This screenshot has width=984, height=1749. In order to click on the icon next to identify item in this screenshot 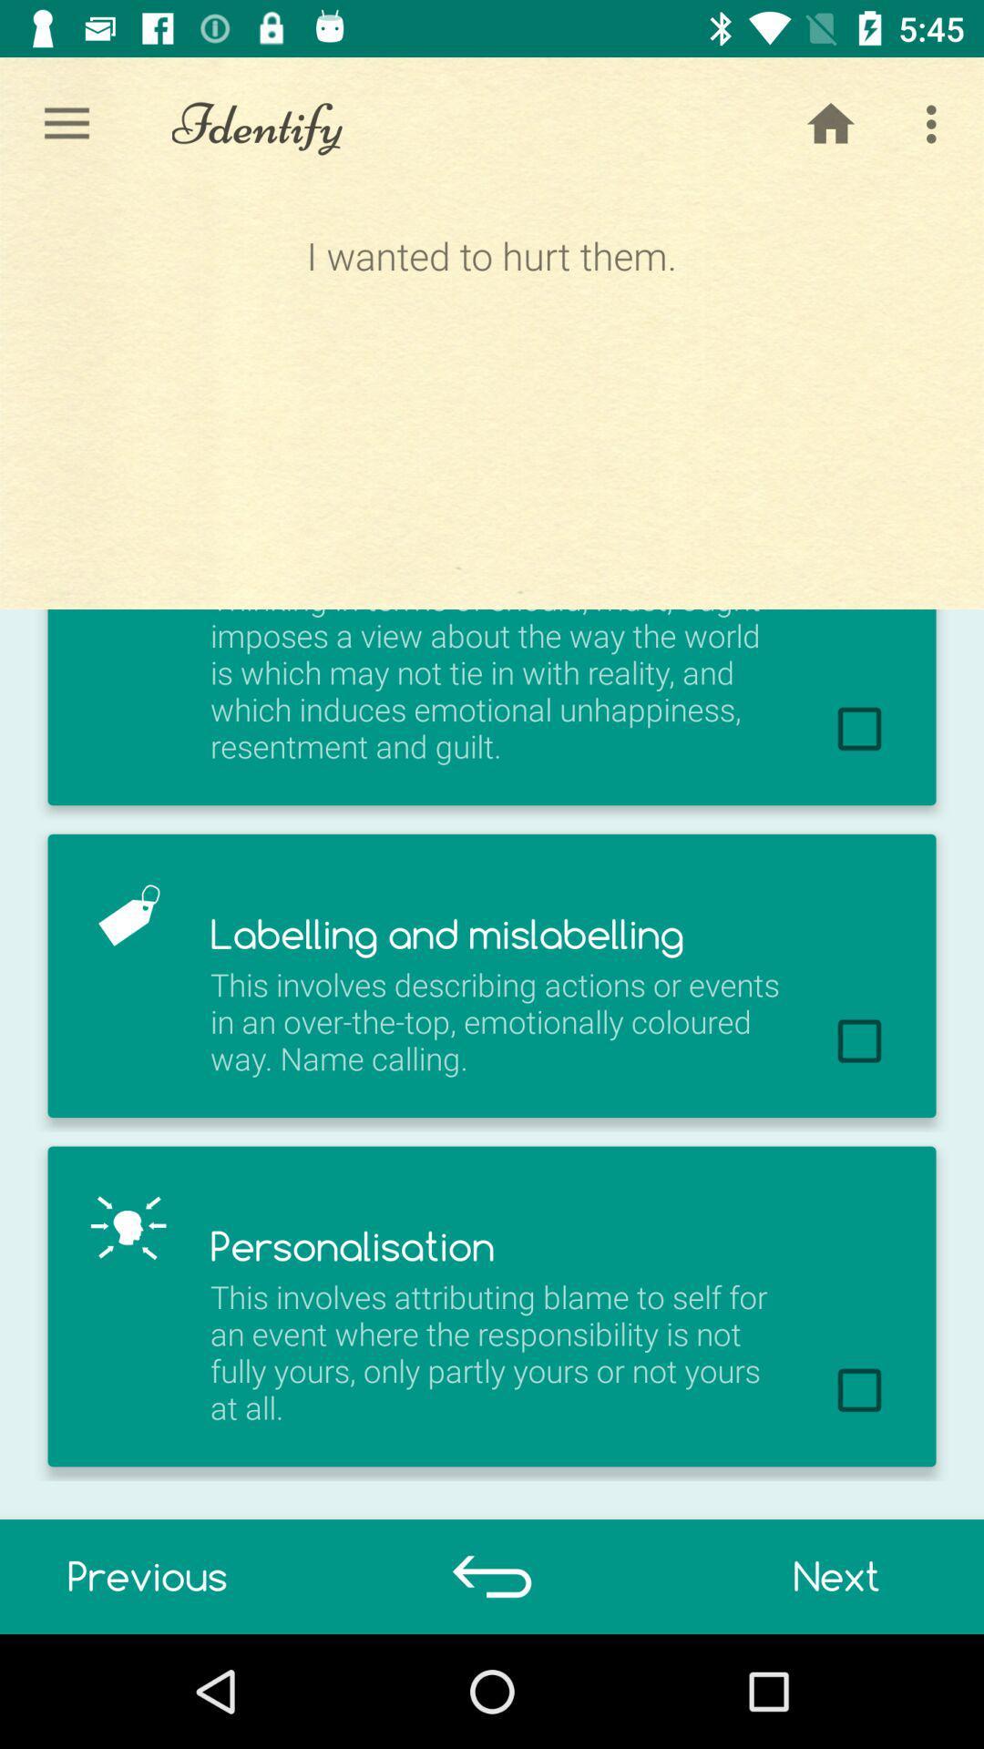, I will do `click(830, 123)`.